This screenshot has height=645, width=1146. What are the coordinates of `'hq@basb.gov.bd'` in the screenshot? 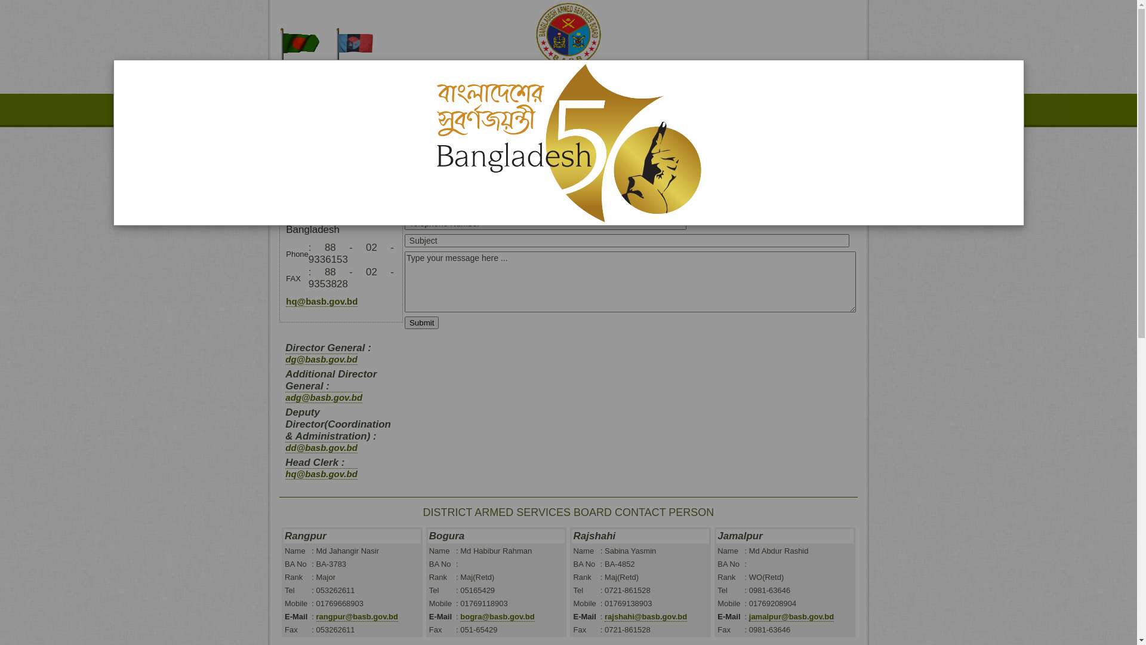 It's located at (321, 301).